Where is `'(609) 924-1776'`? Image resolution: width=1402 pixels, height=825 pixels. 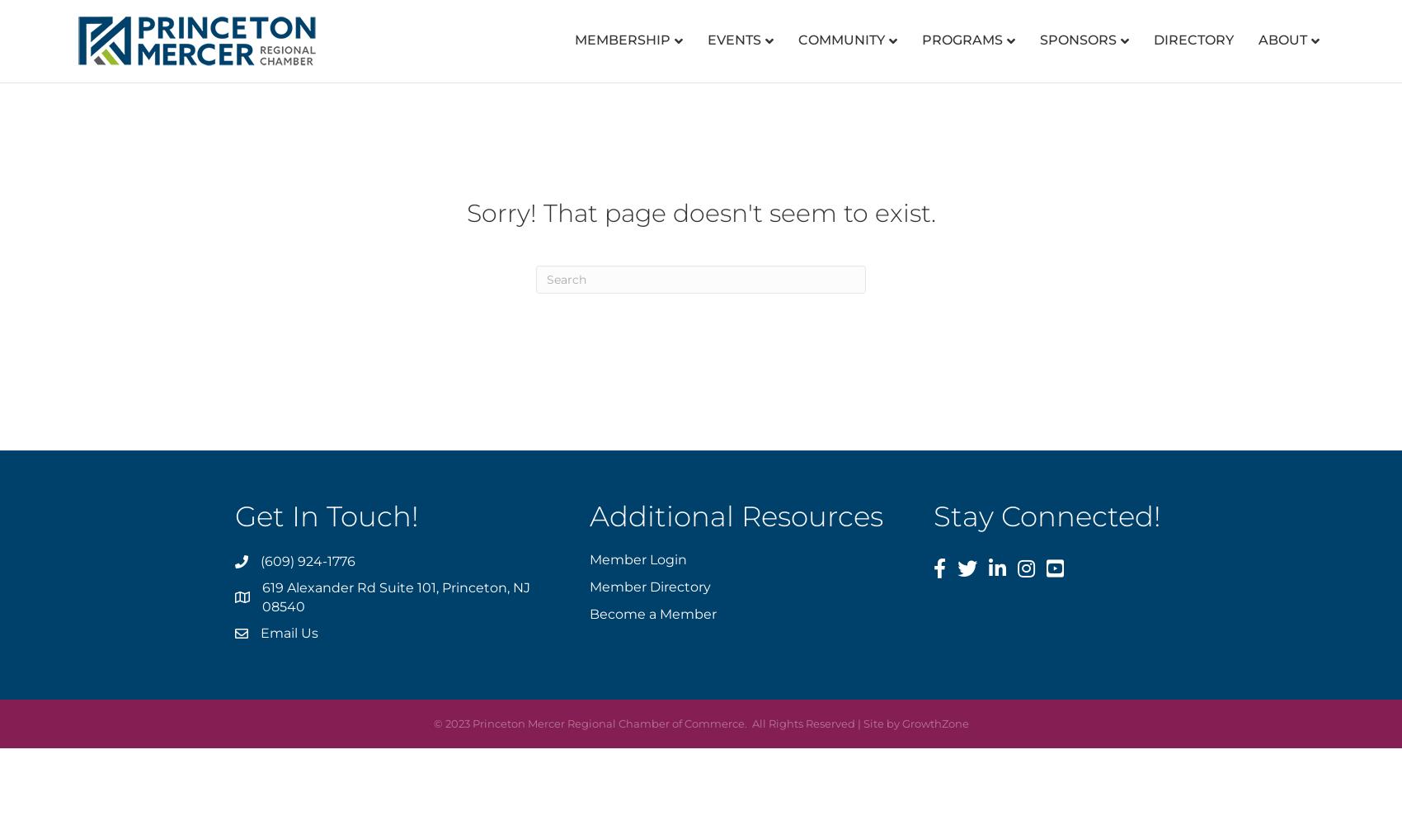 '(609) 924-1776' is located at coordinates (307, 561).